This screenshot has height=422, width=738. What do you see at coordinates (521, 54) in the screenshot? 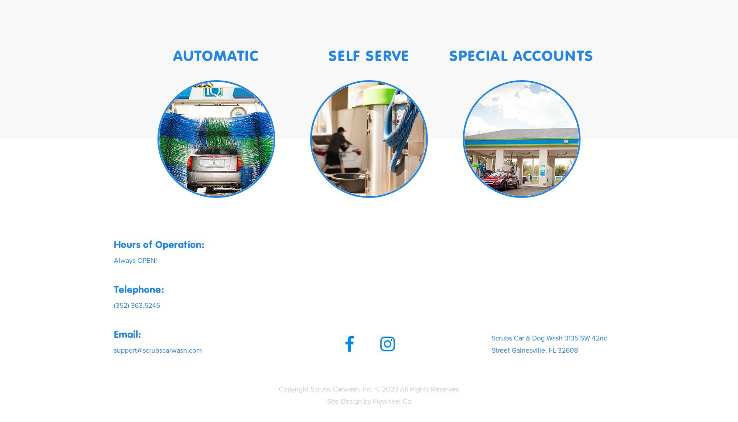
I see `'SPECIAL ACCOUNTS'` at bounding box center [521, 54].